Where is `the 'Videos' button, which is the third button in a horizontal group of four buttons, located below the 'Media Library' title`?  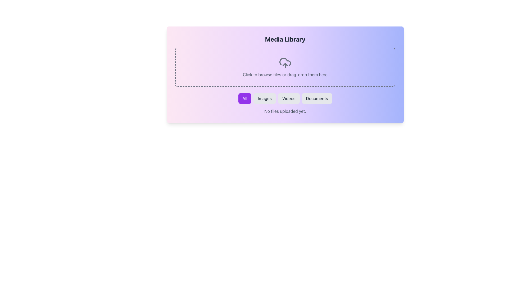
the 'Videos' button, which is the third button in a horizontal group of four buttons, located below the 'Media Library' title is located at coordinates (288, 98).